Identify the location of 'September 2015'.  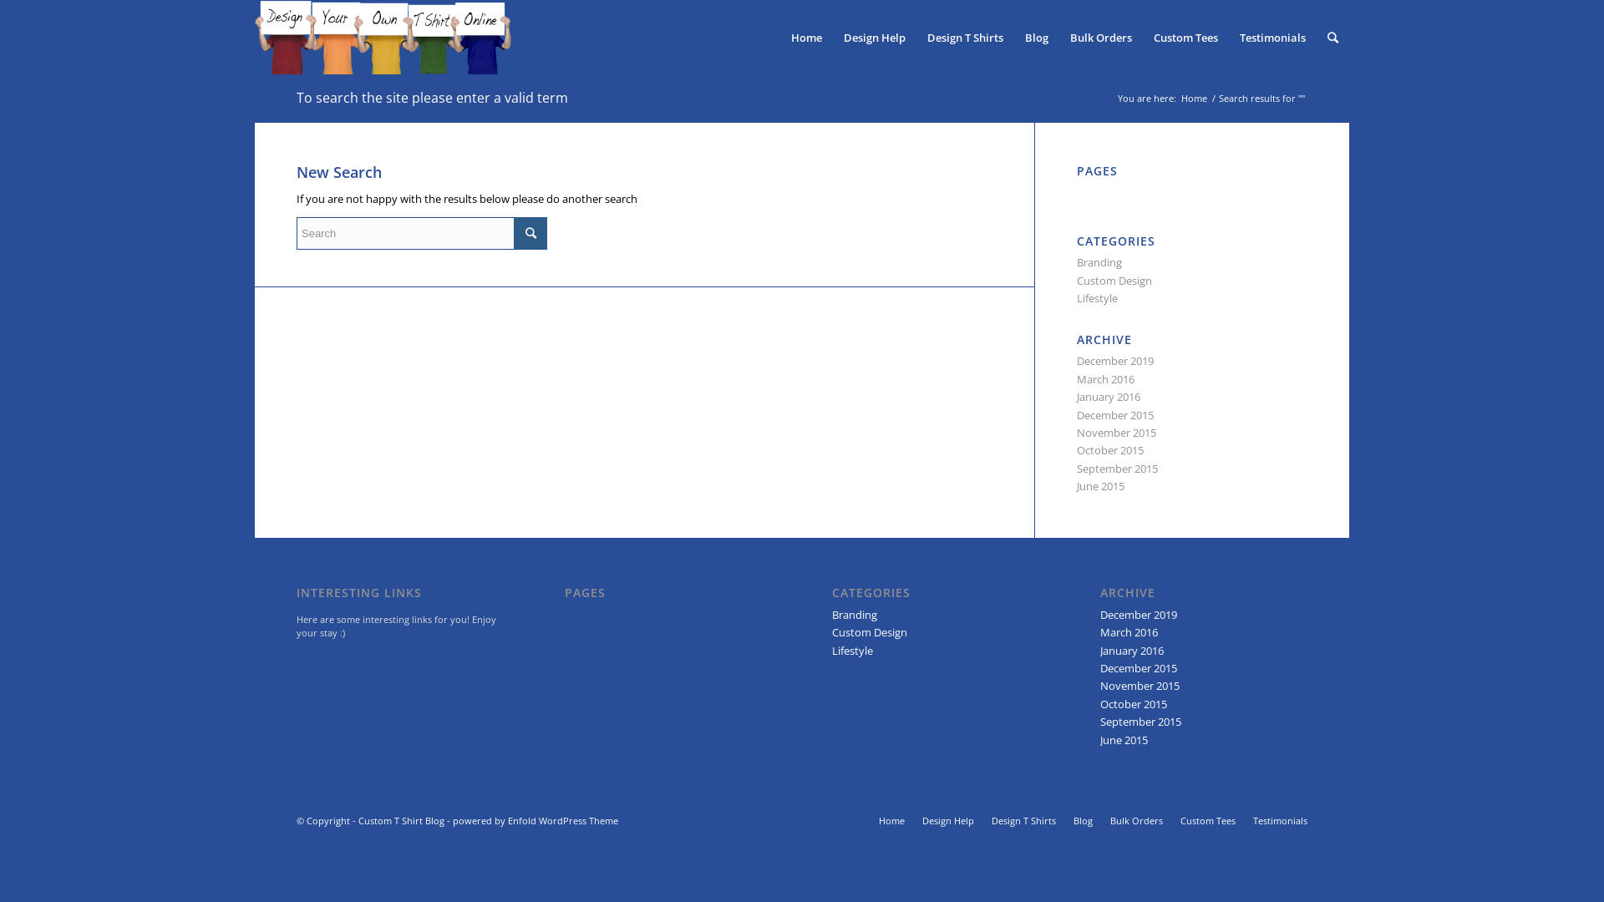
(1117, 468).